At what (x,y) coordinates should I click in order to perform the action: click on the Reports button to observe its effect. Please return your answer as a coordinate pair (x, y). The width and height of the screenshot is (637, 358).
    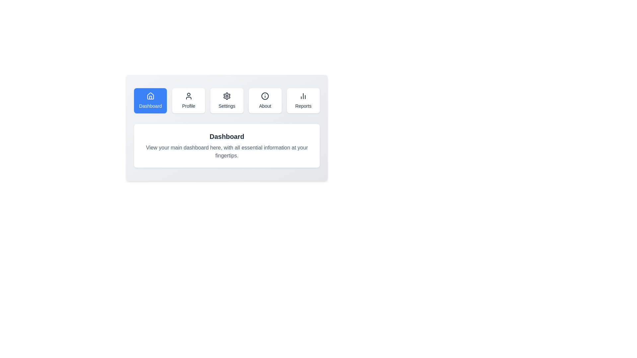
    Looking at the image, I should click on (303, 101).